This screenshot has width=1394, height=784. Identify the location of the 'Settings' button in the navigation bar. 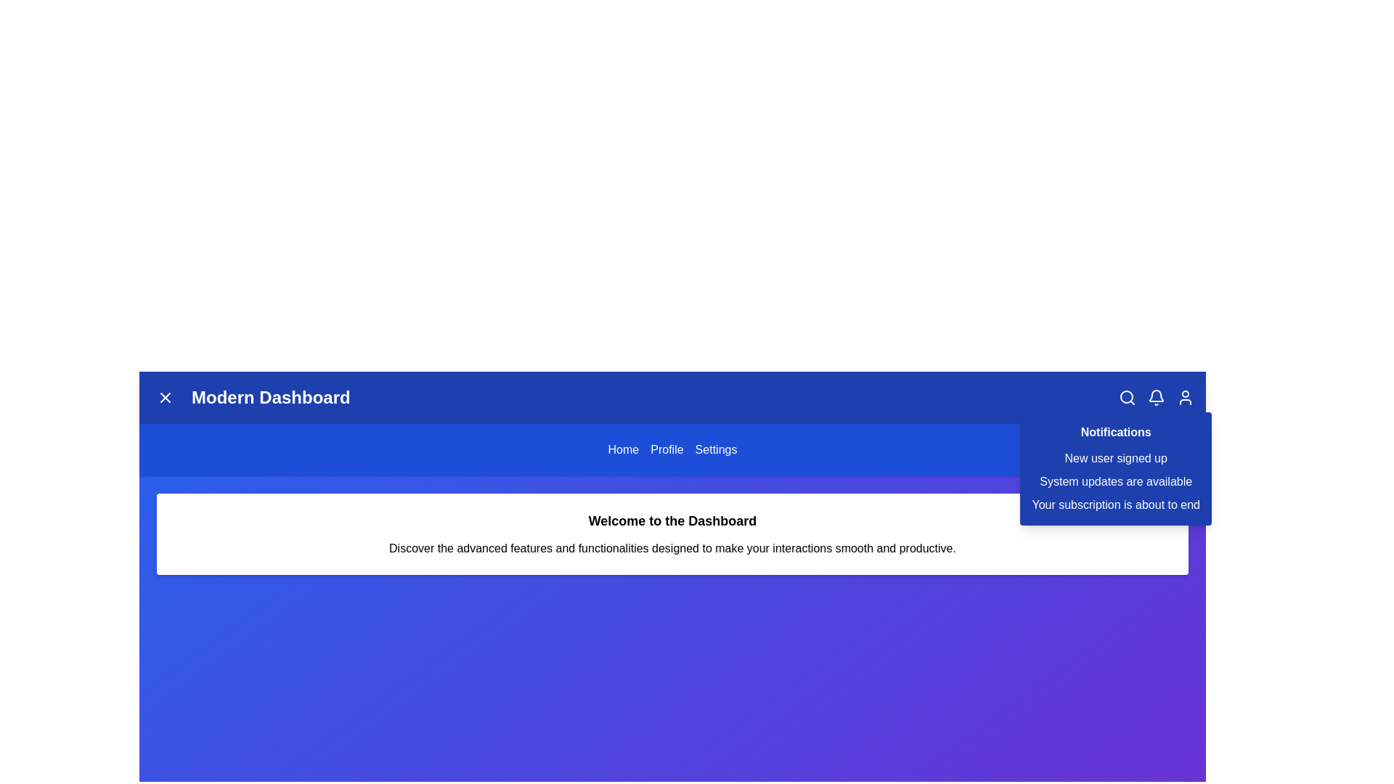
(715, 449).